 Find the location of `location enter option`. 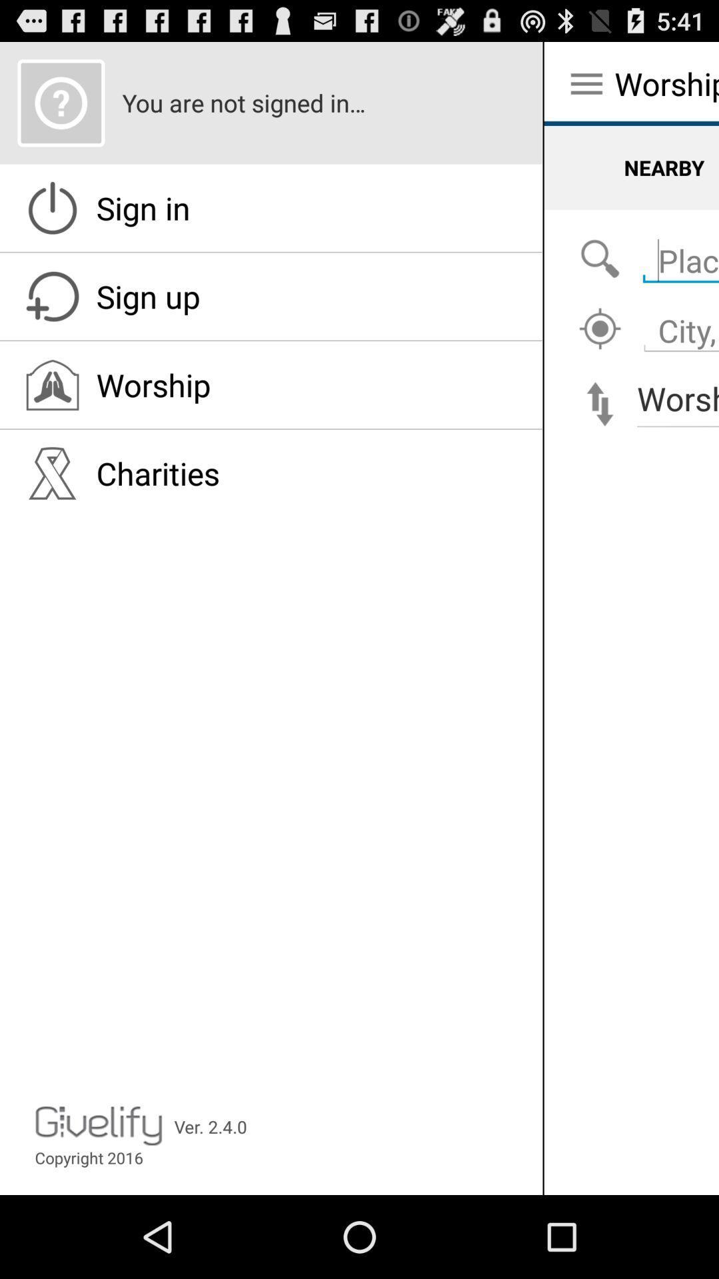

location enter option is located at coordinates (678, 253).